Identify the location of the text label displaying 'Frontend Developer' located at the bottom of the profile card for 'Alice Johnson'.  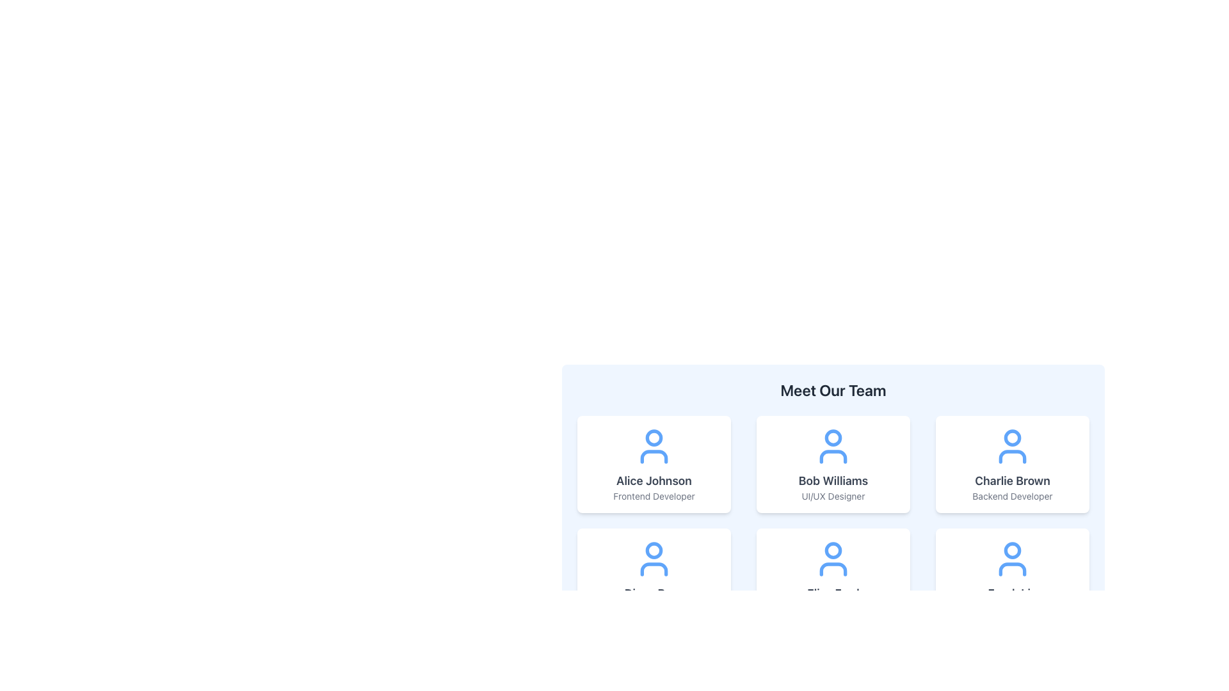
(654, 495).